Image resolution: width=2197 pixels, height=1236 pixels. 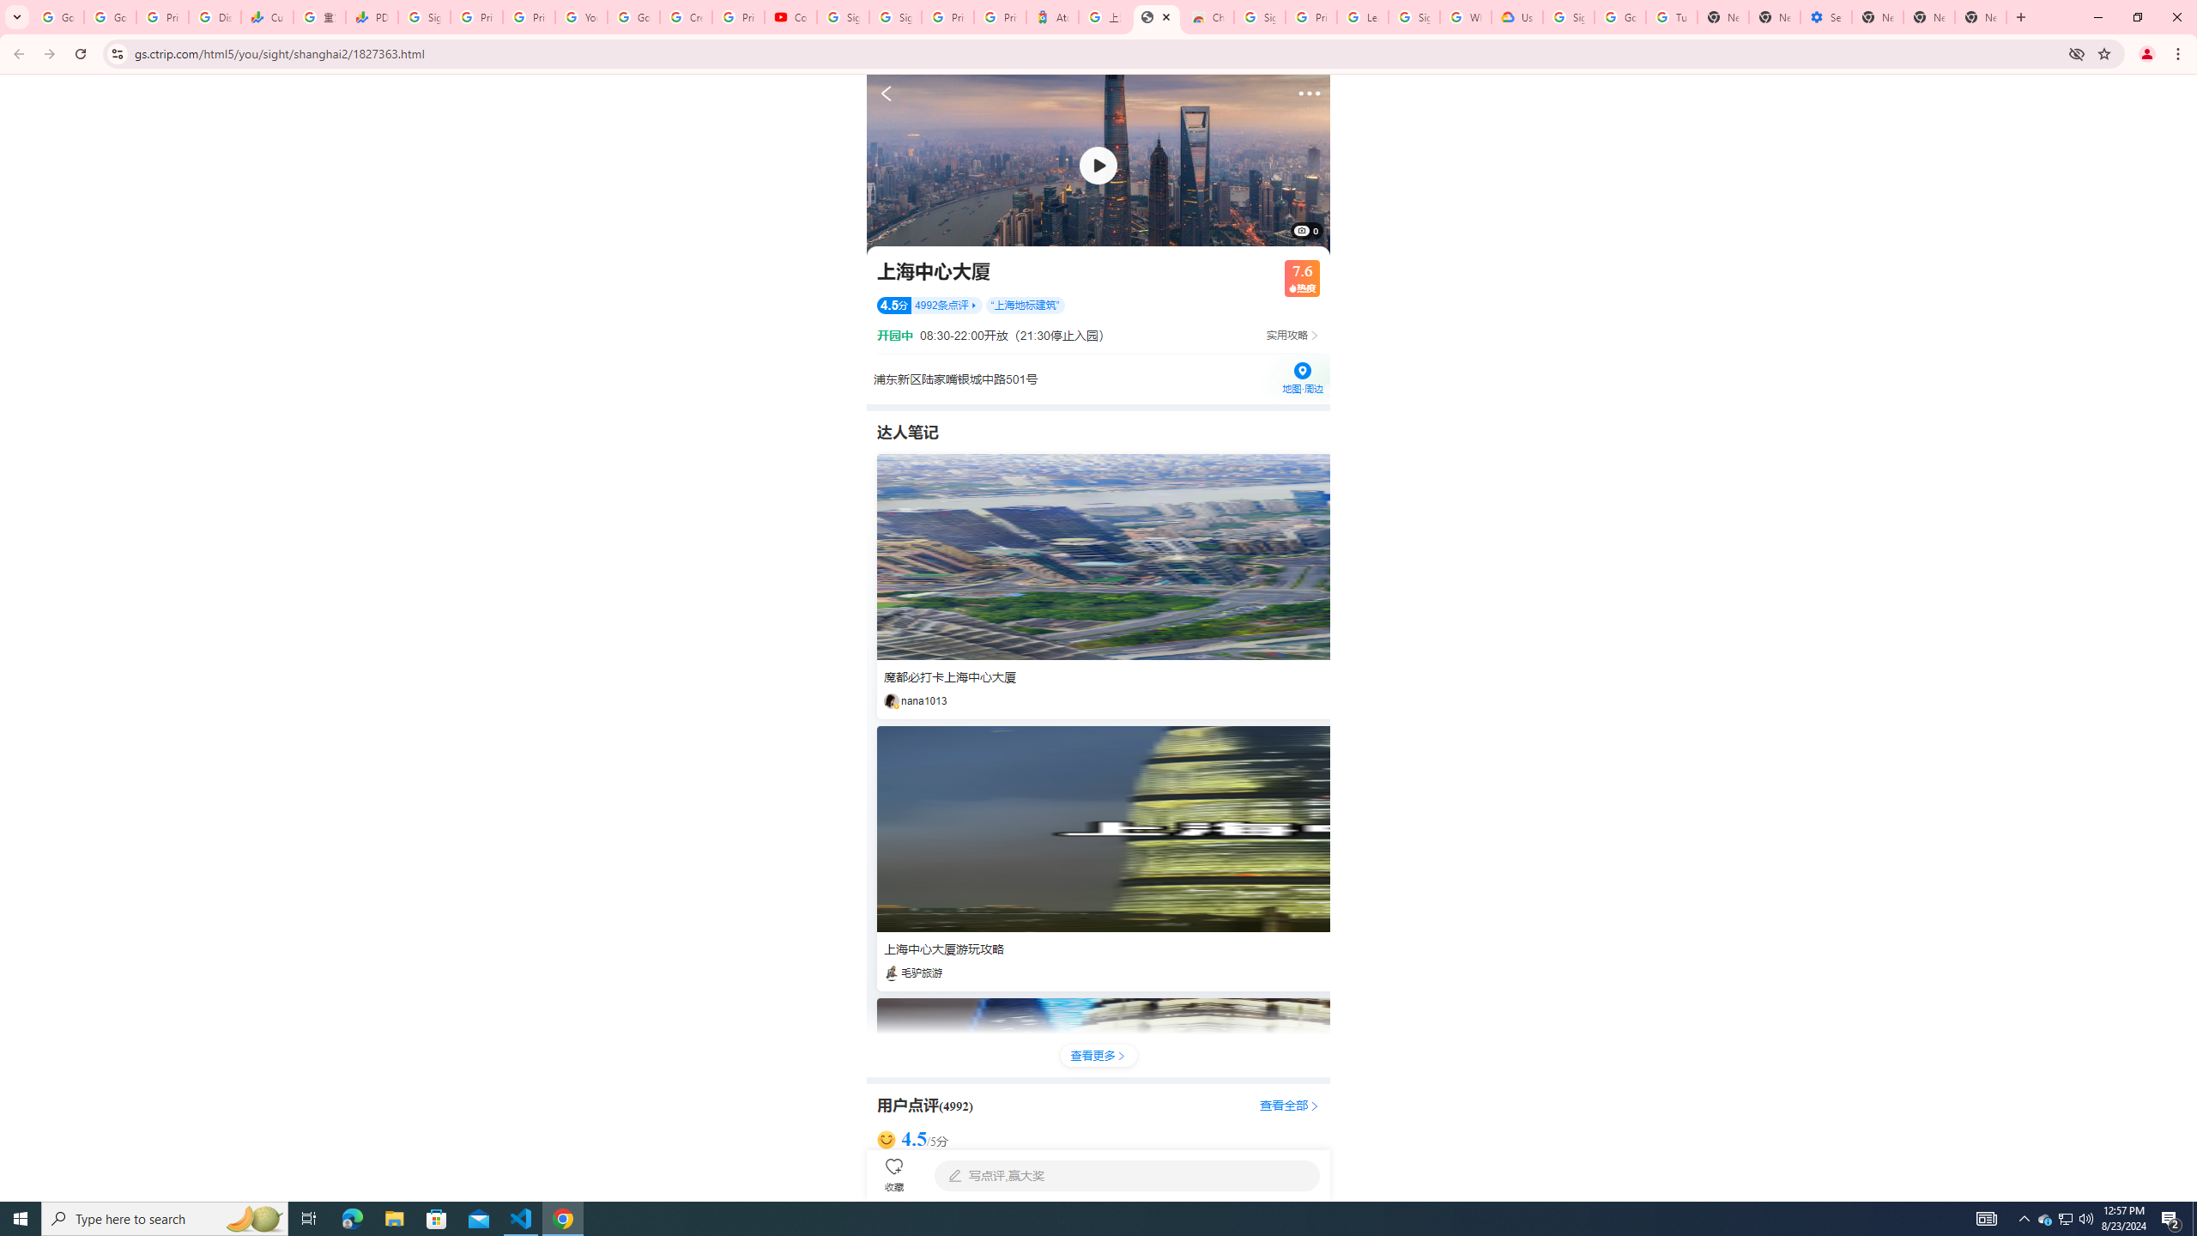 What do you see at coordinates (580, 16) in the screenshot?
I see `'YouTube'` at bounding box center [580, 16].